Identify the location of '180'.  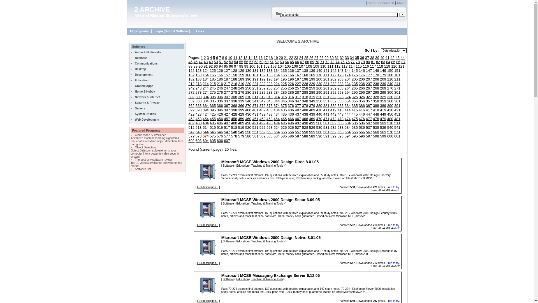
(390, 75).